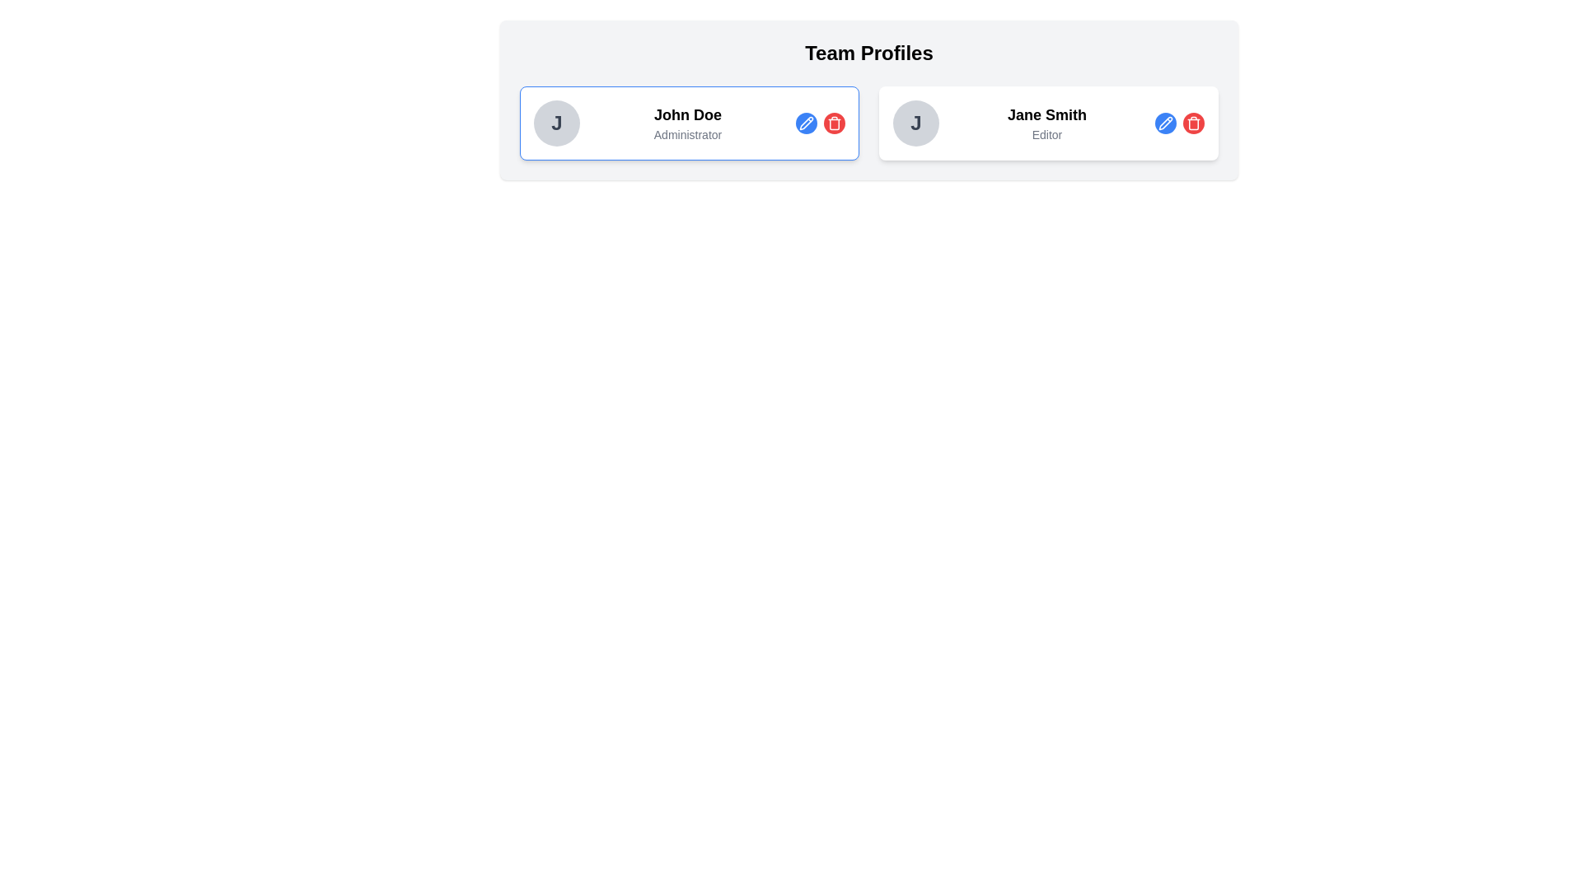  I want to click on the red circular delete button with a white trash can icon located, so click(834, 123).